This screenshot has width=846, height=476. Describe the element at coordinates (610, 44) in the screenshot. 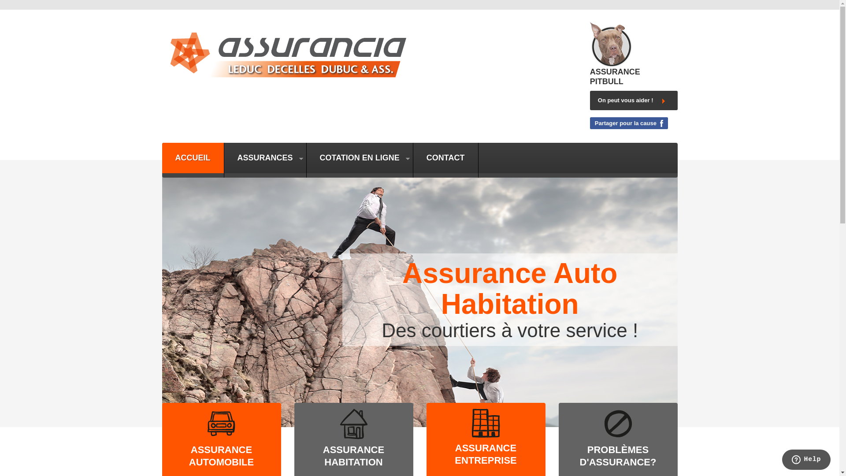

I see `'Assurance Pitbull'` at that location.